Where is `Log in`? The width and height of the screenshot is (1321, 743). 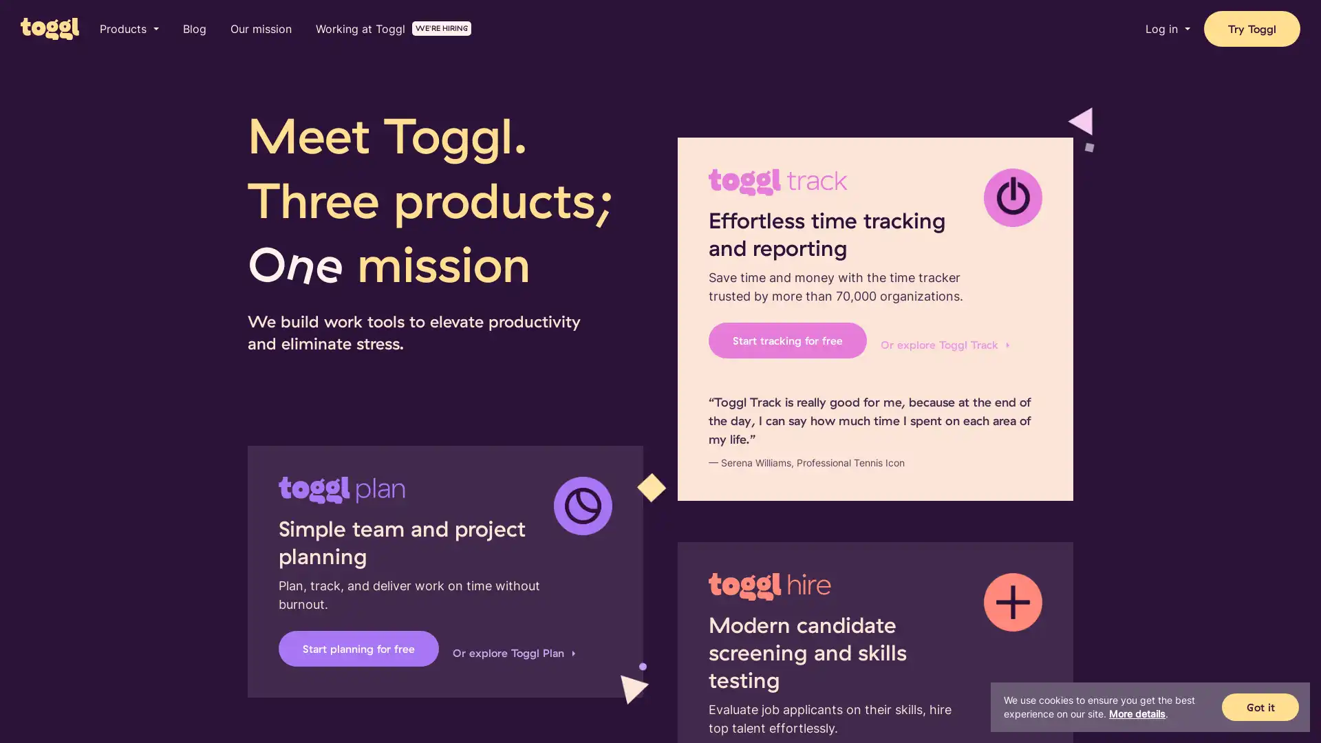
Log in is located at coordinates (1167, 29).